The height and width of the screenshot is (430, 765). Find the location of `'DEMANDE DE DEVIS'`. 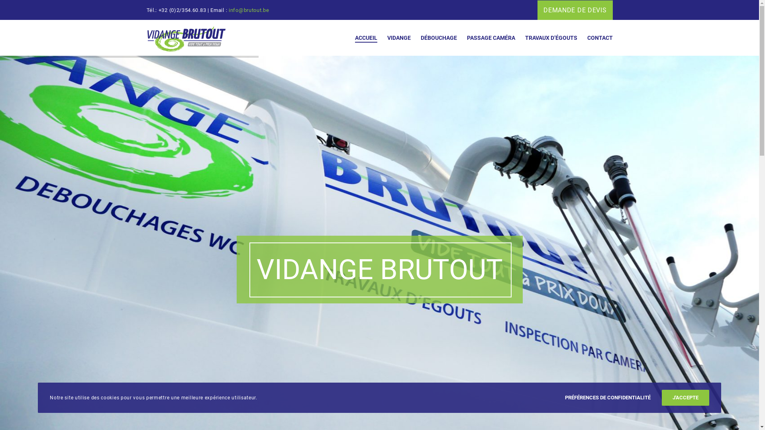

'DEMANDE DE DEVIS' is located at coordinates (575, 10).